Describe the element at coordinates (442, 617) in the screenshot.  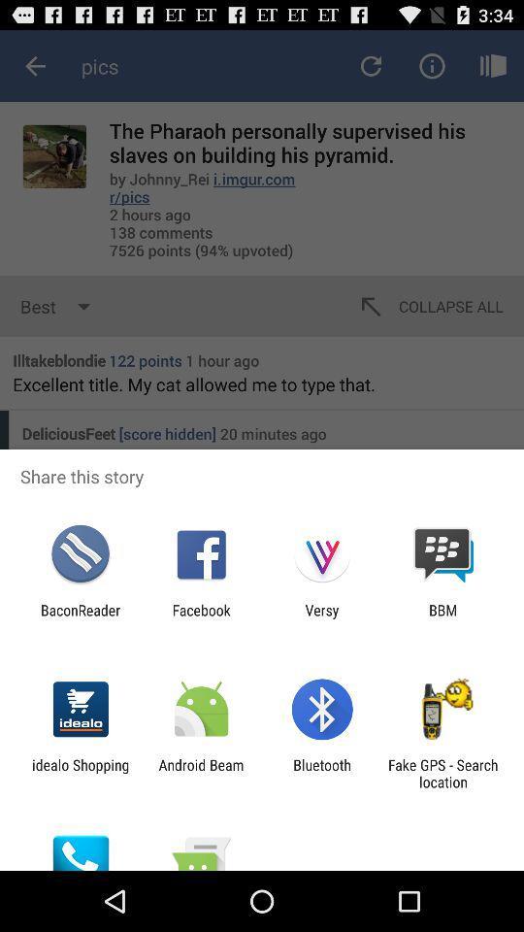
I see `the app next to the versy icon` at that location.